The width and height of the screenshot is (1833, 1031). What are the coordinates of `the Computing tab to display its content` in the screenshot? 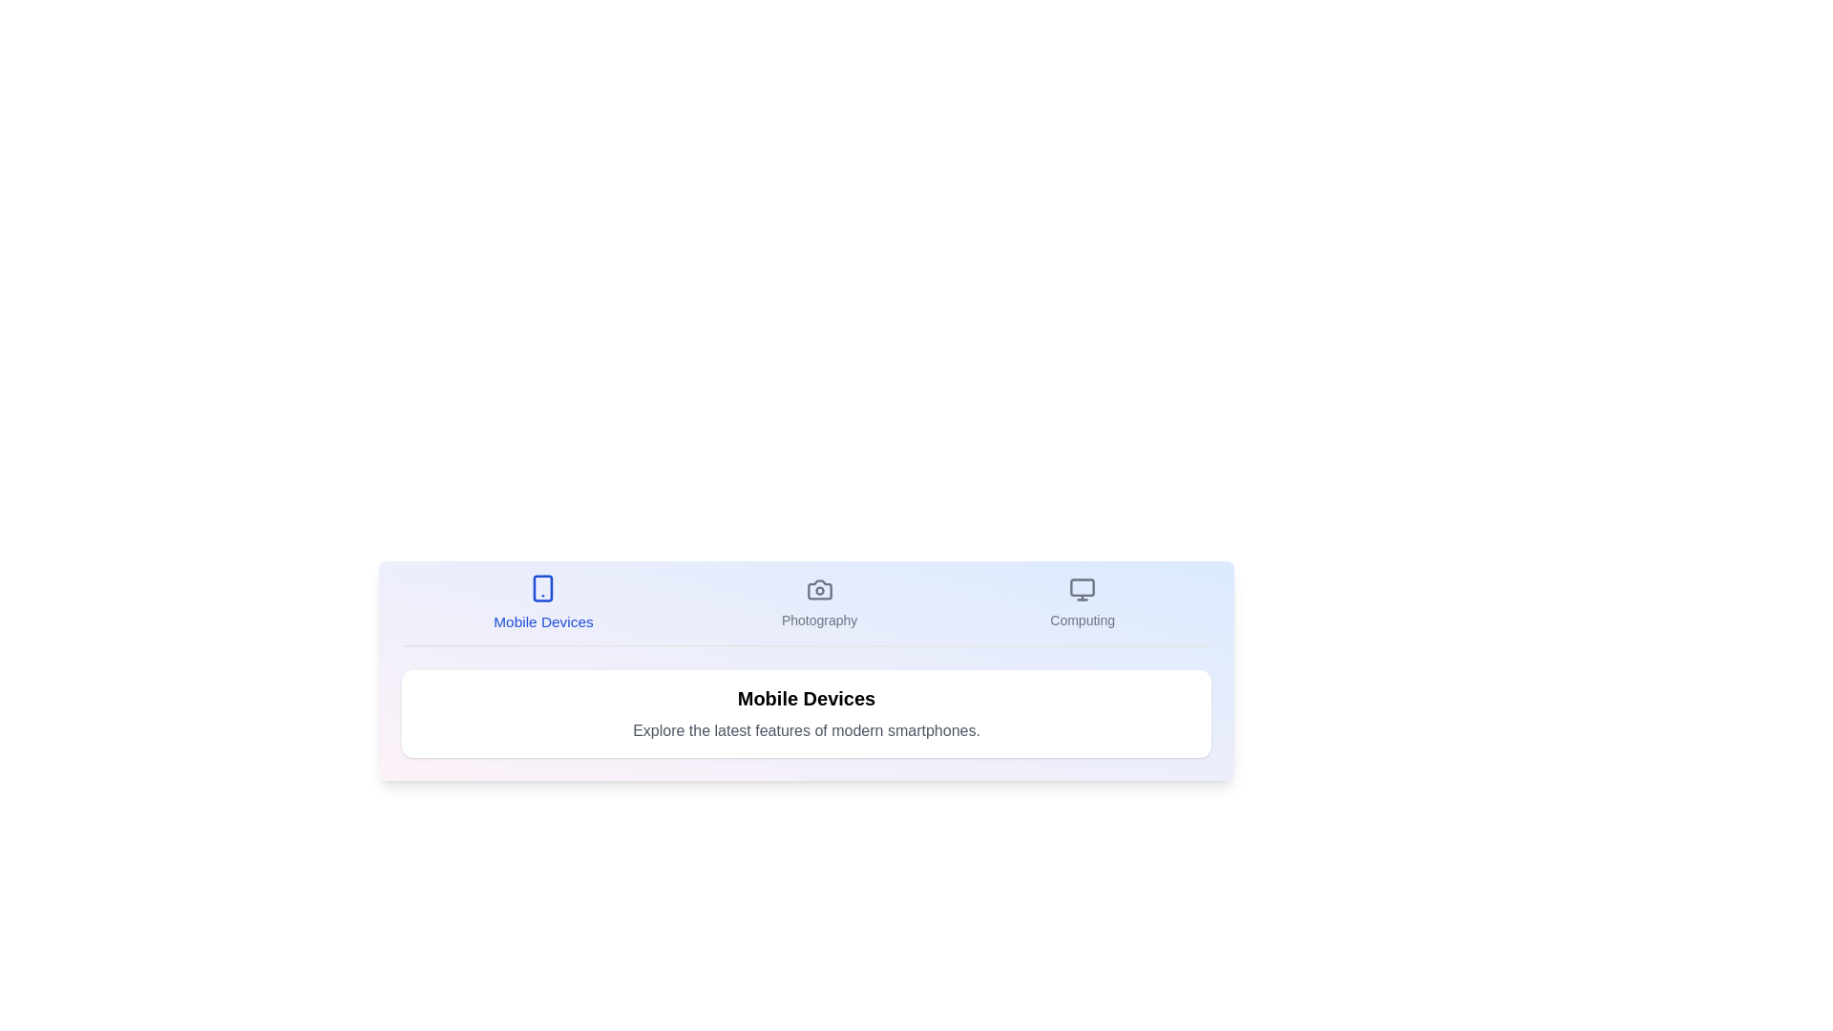 It's located at (1083, 603).